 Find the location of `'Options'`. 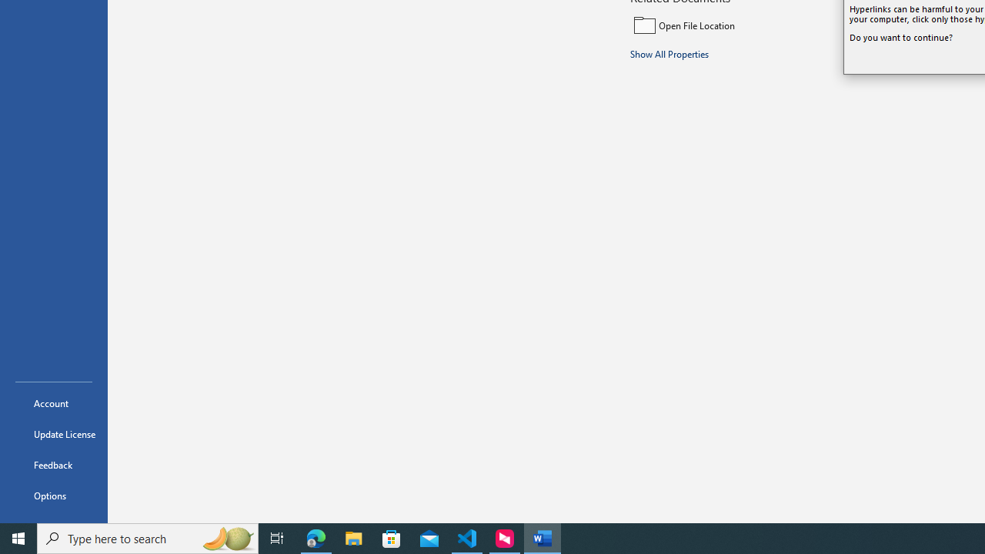

'Options' is located at coordinates (53, 496).